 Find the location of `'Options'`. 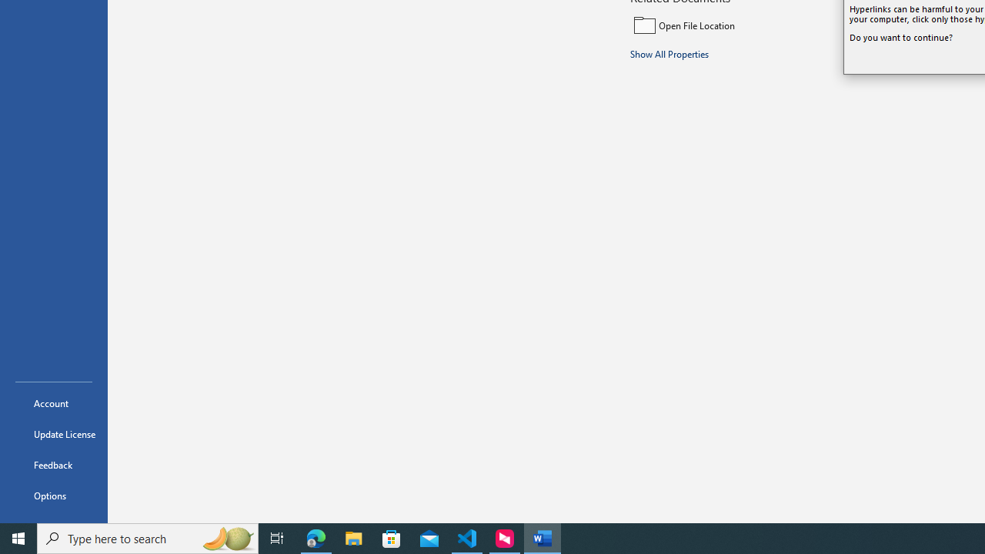

'Options' is located at coordinates (53, 496).